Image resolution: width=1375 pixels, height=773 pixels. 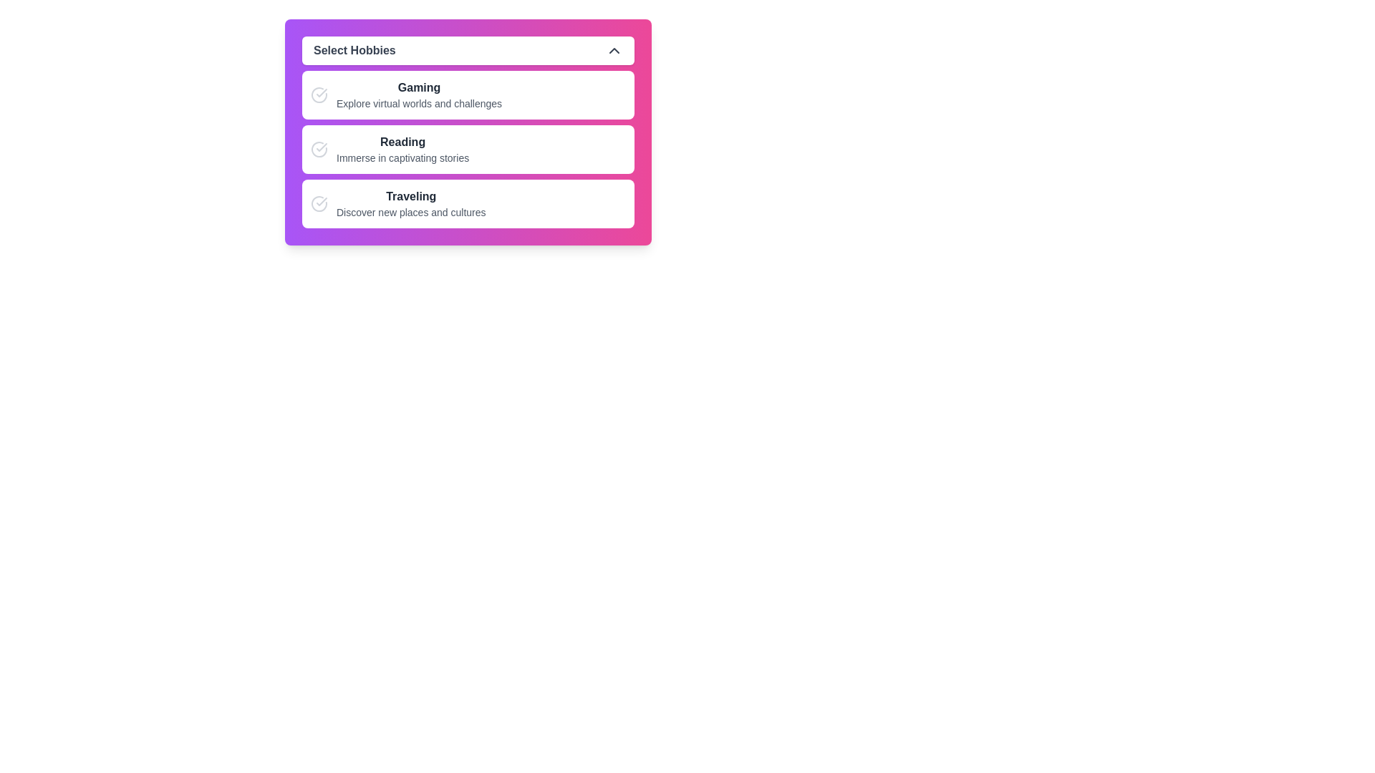 What do you see at coordinates (319, 94) in the screenshot?
I see `the visual indicator icon representing the selection status for the 'Gaming' option located in the first list item under the 'Select Hobbies' header` at bounding box center [319, 94].